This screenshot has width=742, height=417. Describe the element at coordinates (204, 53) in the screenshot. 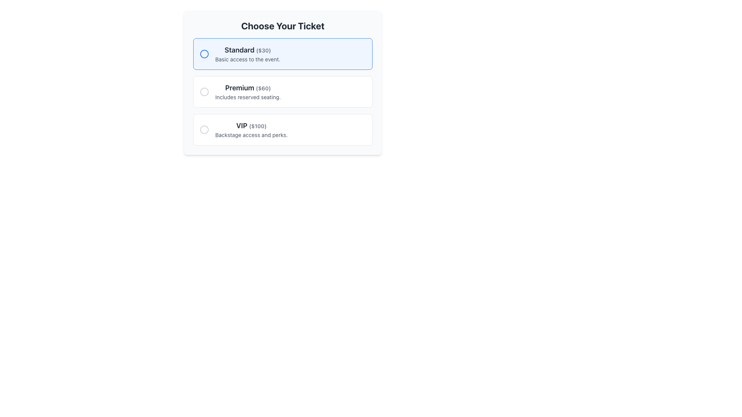

I see `the radio button located to the left of the text 'Standard ($30)'` at that location.